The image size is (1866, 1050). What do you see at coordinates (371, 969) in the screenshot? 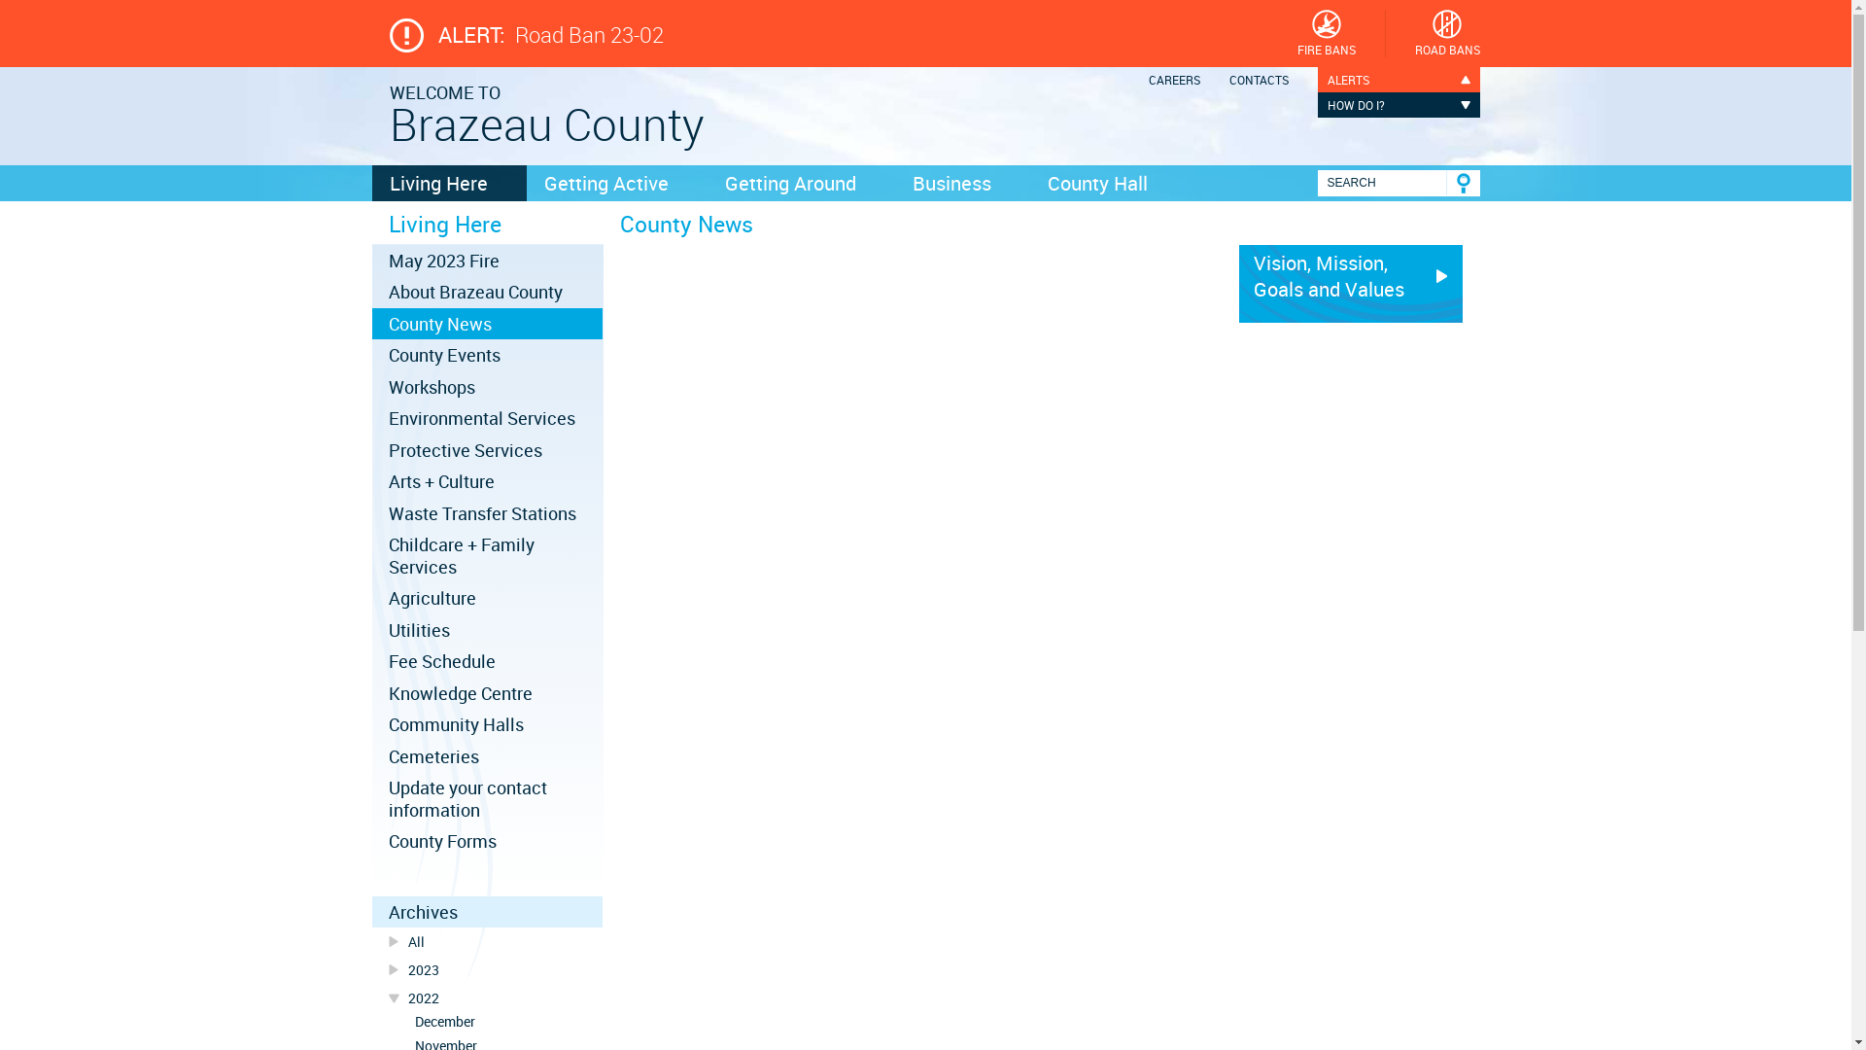
I see `'2023'` at bounding box center [371, 969].